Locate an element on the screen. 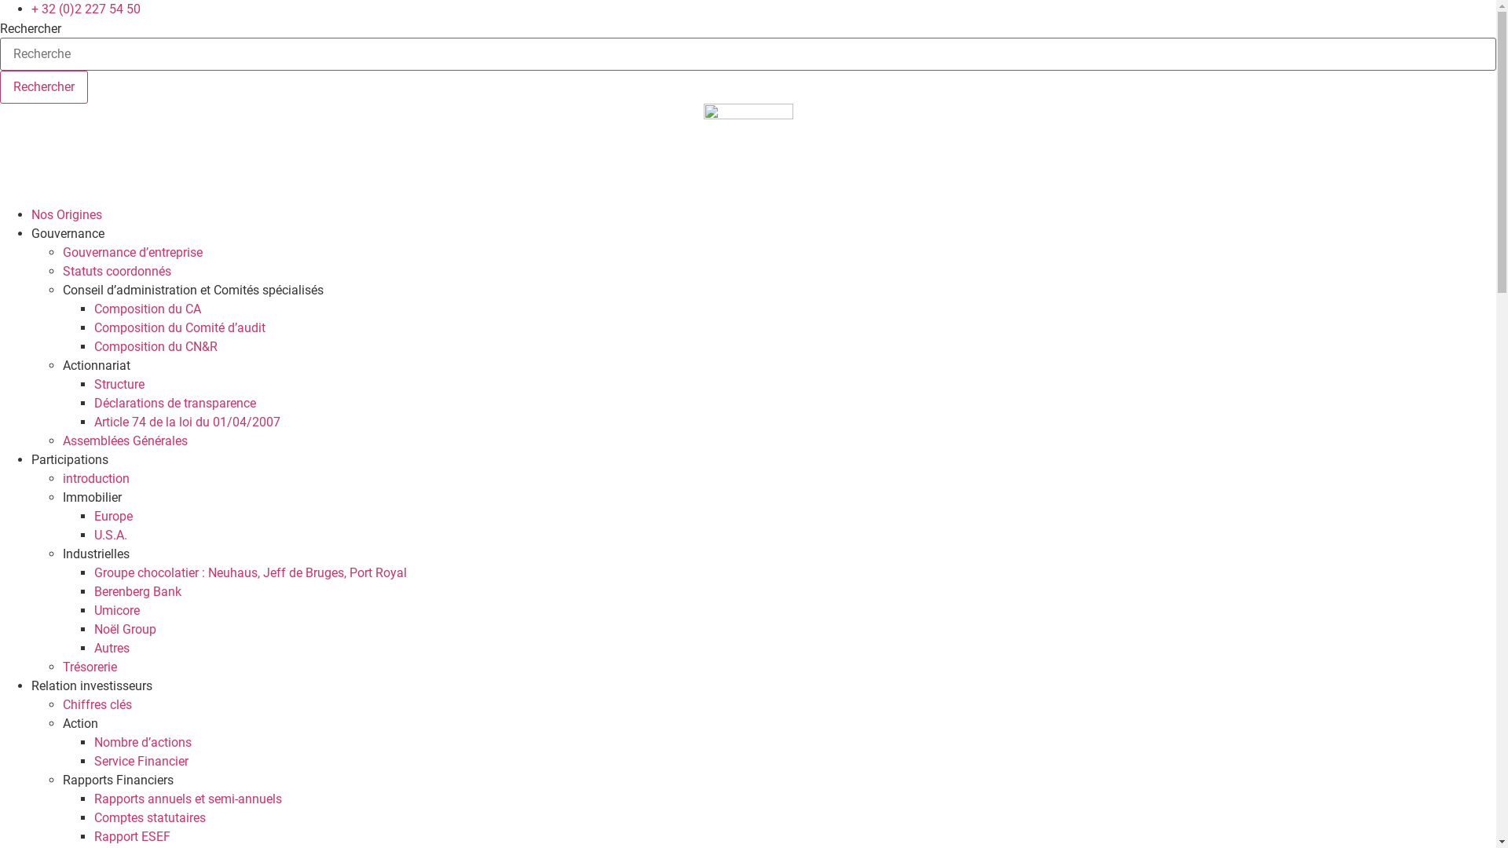 The width and height of the screenshot is (1508, 848). 'Actionnariat' is located at coordinates (96, 365).